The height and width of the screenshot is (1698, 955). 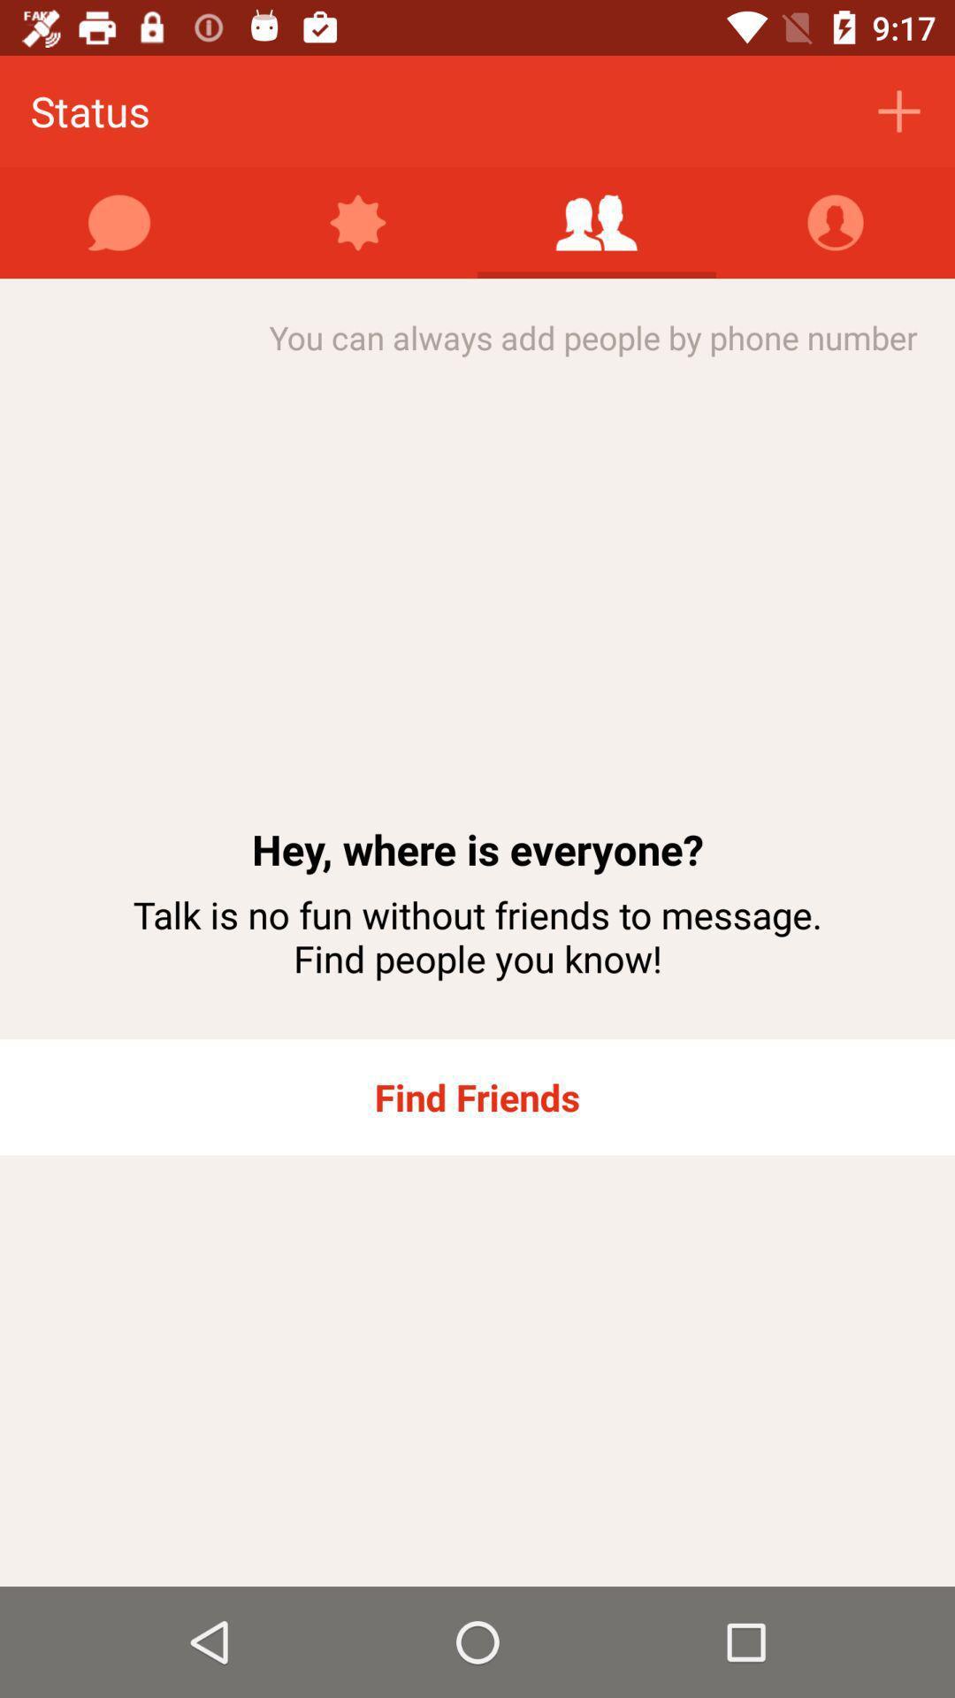 I want to click on the settings icon, so click(x=358, y=222).